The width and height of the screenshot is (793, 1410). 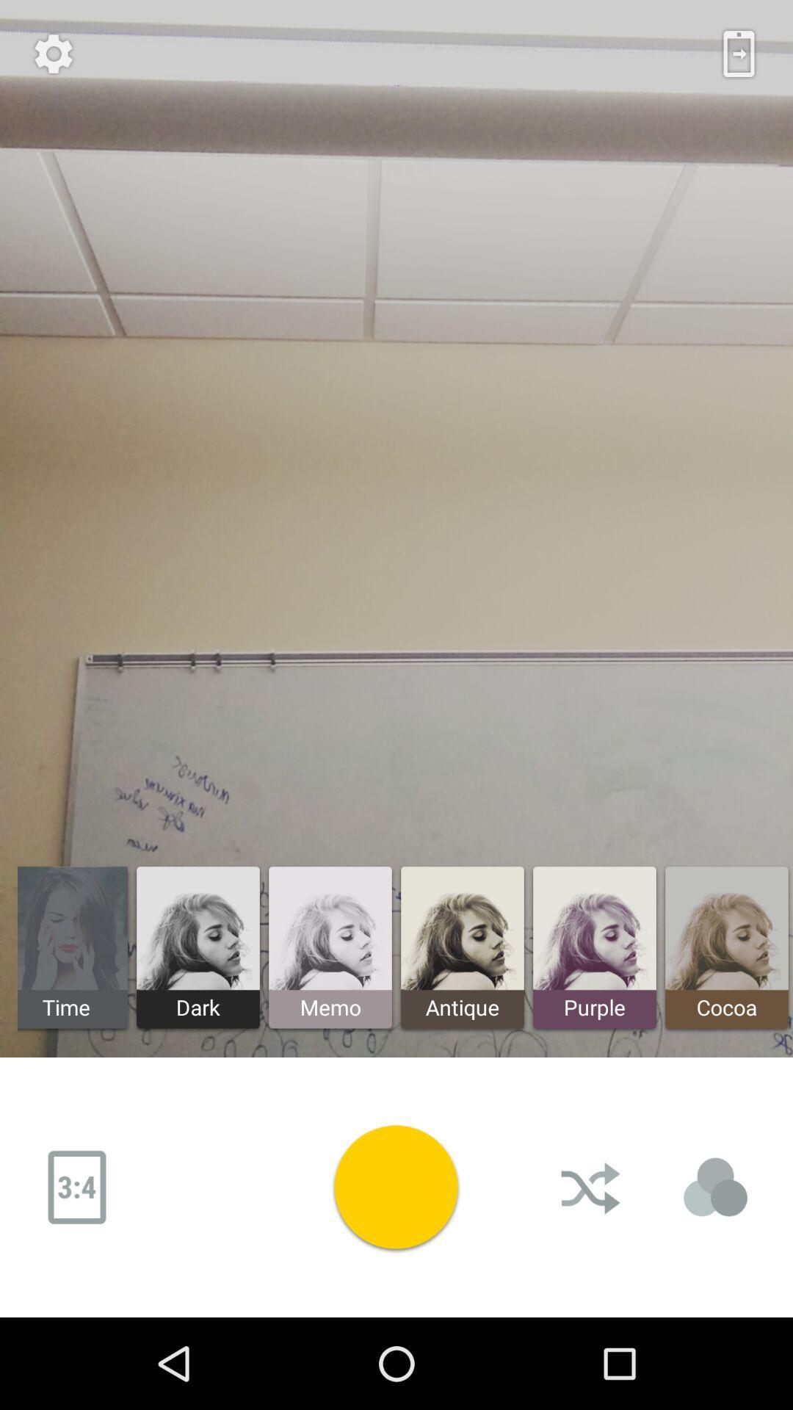 I want to click on colors, so click(x=715, y=1187).